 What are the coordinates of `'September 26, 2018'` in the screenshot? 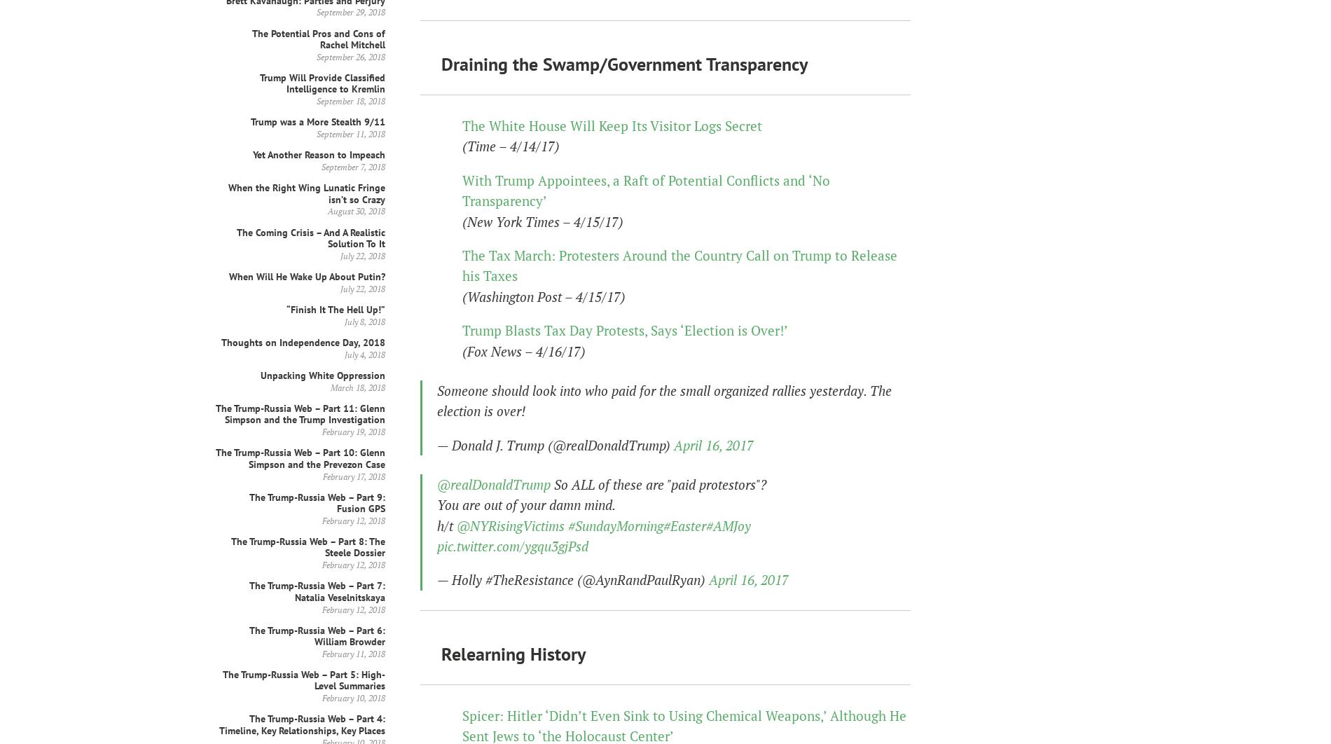 It's located at (351, 56).